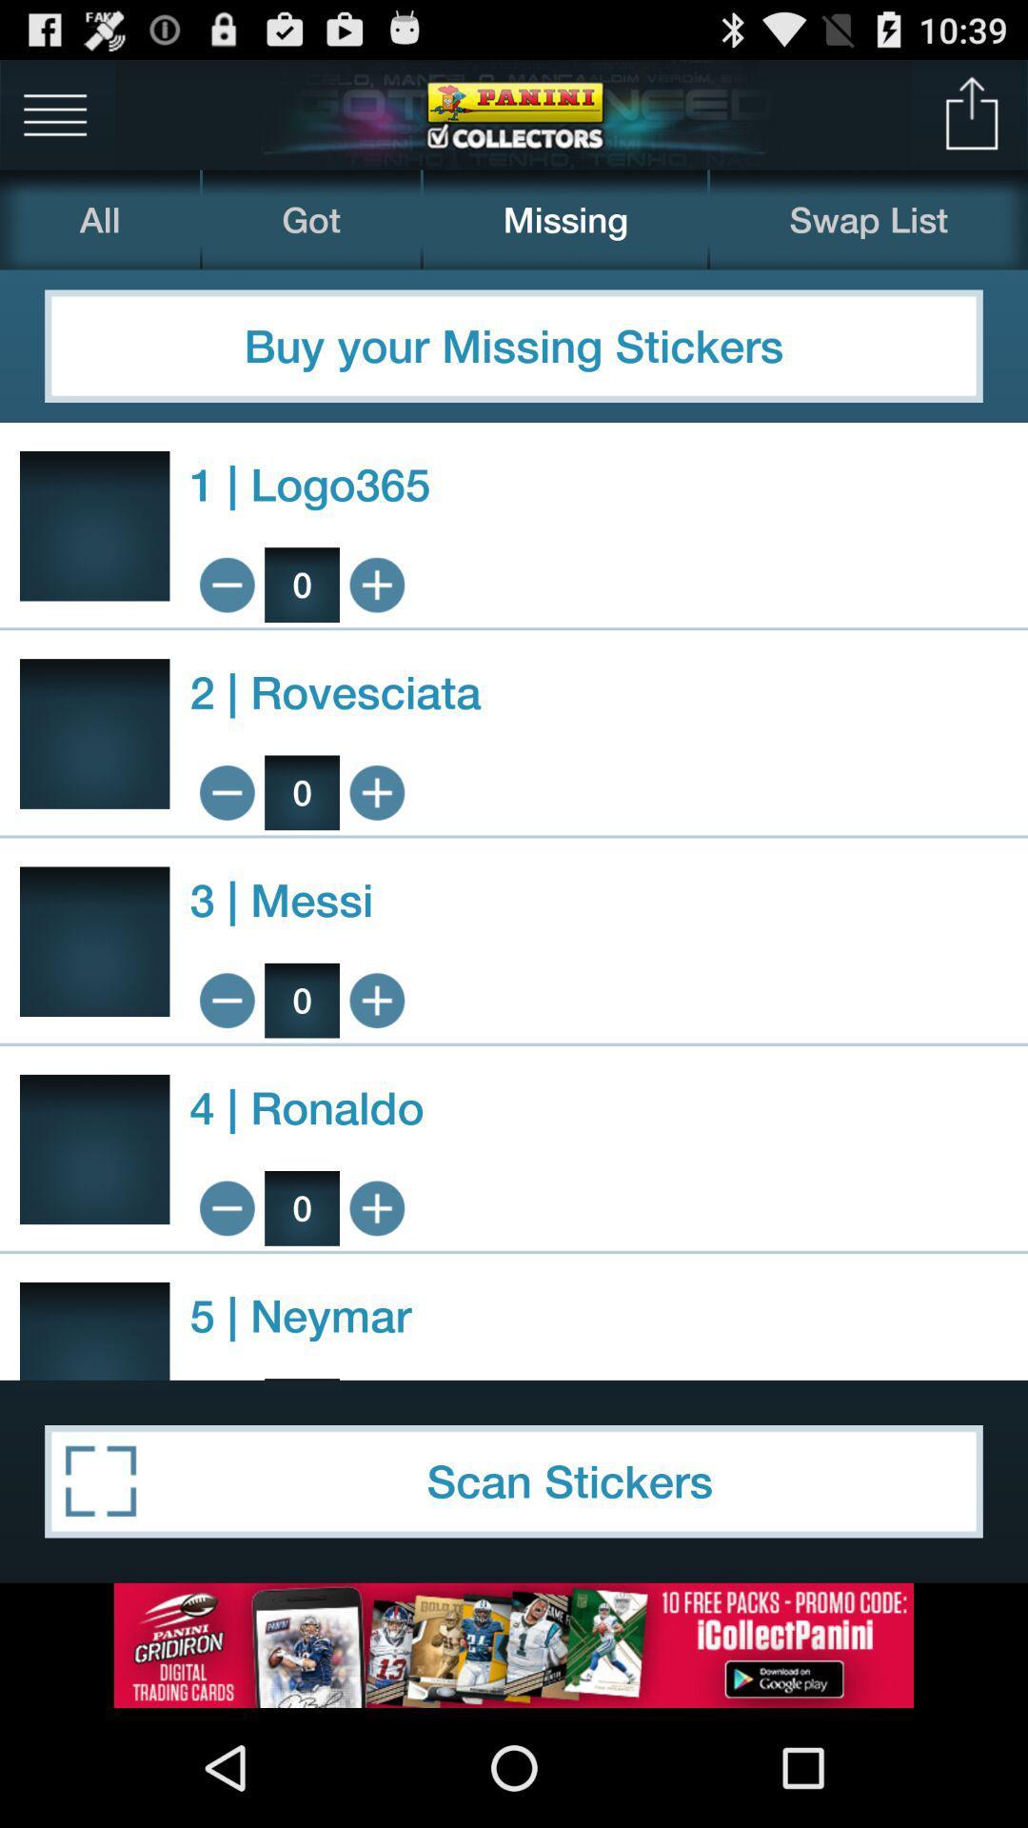 The image size is (1028, 1828). Describe the element at coordinates (226, 584) in the screenshot. I see `increment down` at that location.